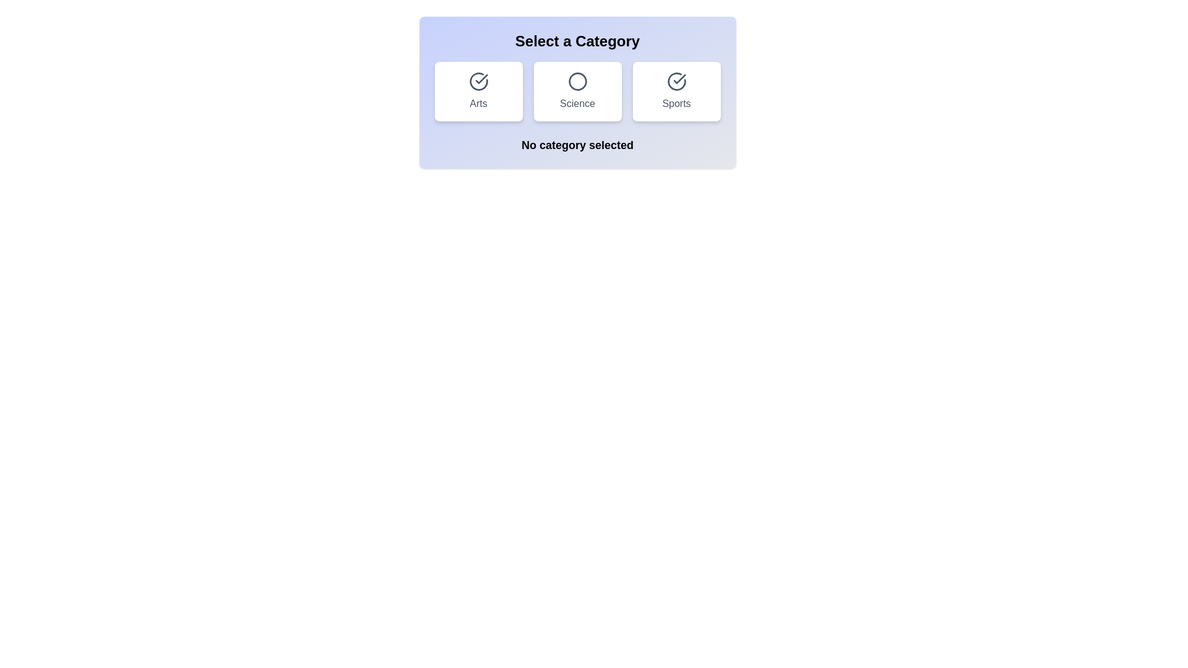  Describe the element at coordinates (577, 90) in the screenshot. I see `the 'Science' Selectable Button` at that location.